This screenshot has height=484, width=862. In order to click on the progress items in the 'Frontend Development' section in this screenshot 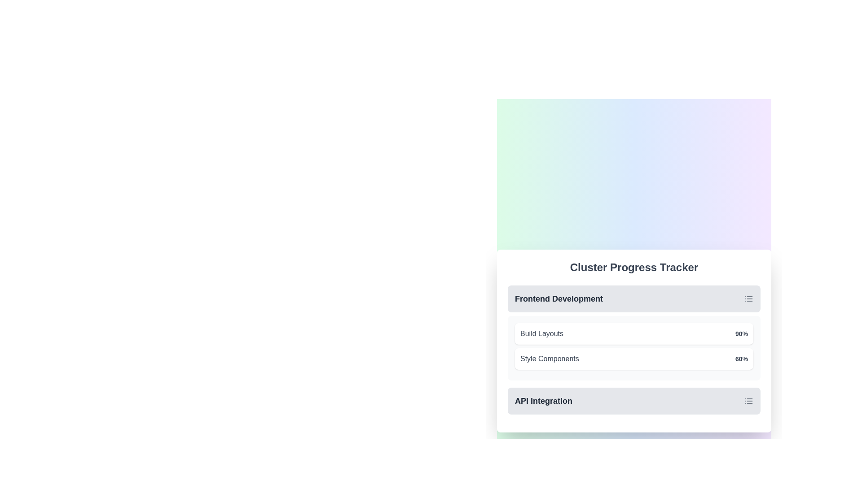, I will do `click(633, 333)`.